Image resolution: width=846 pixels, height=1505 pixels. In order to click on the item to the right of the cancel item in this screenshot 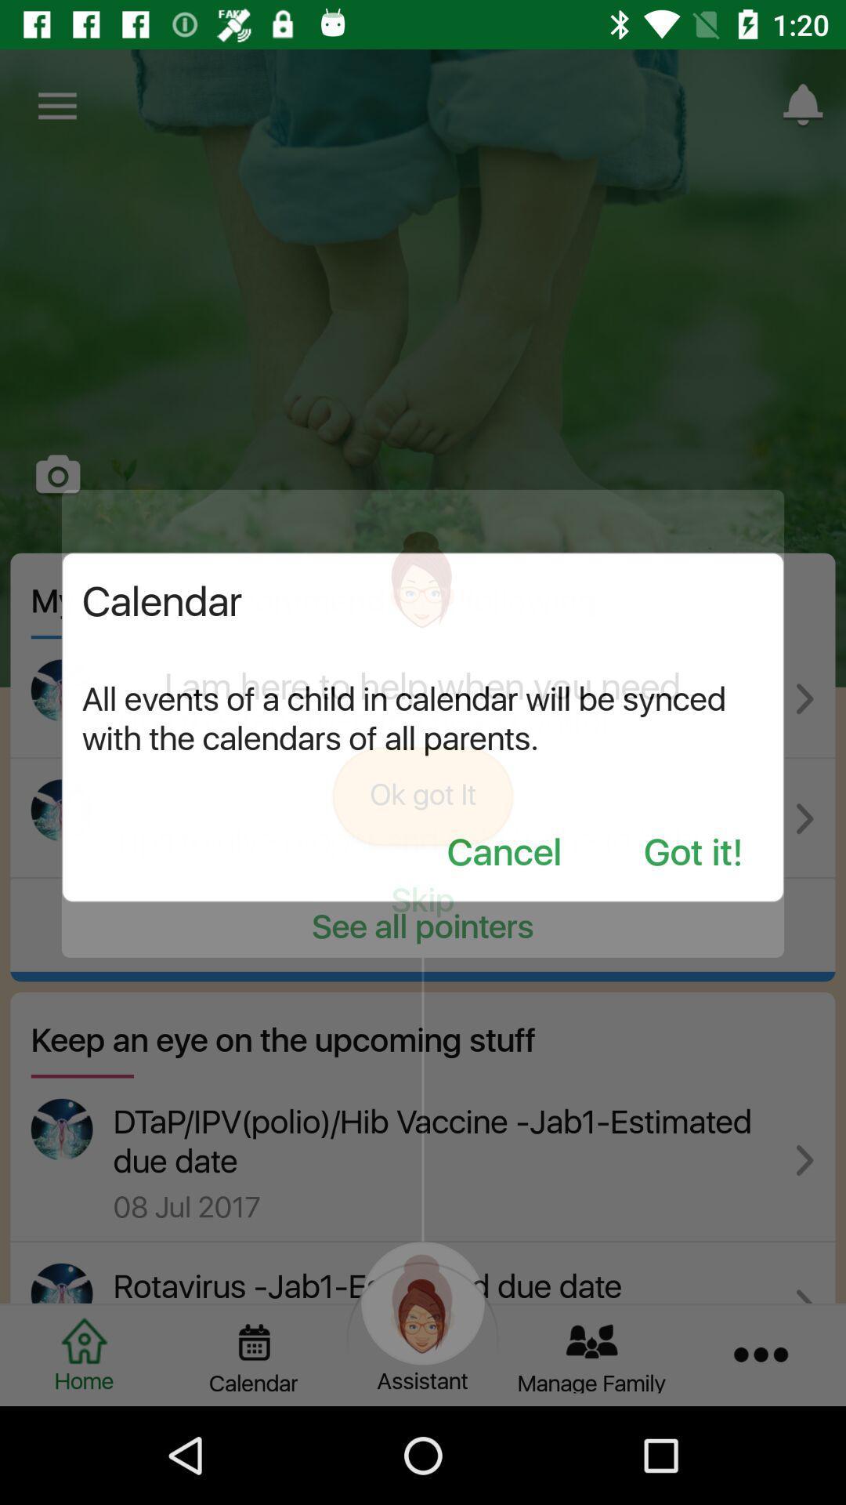, I will do `click(692, 853)`.